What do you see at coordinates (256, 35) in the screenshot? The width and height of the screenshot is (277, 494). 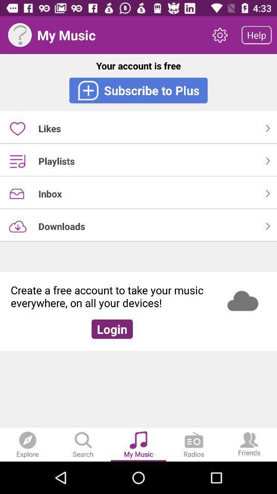 I see `icon above the your account is icon` at bounding box center [256, 35].